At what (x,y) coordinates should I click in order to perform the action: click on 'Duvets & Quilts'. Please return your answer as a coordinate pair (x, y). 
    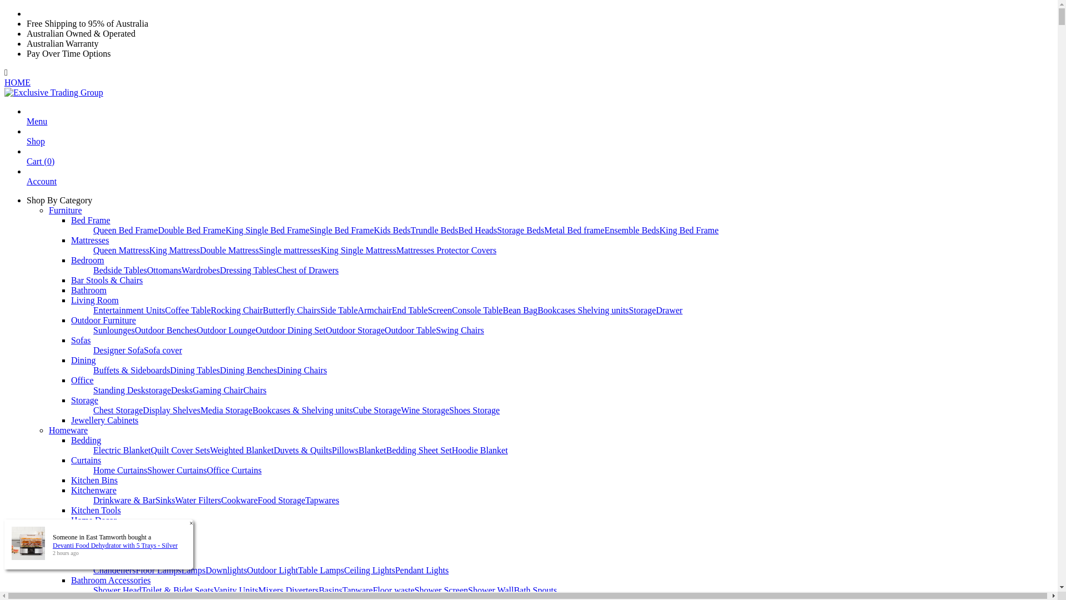
    Looking at the image, I should click on (303, 450).